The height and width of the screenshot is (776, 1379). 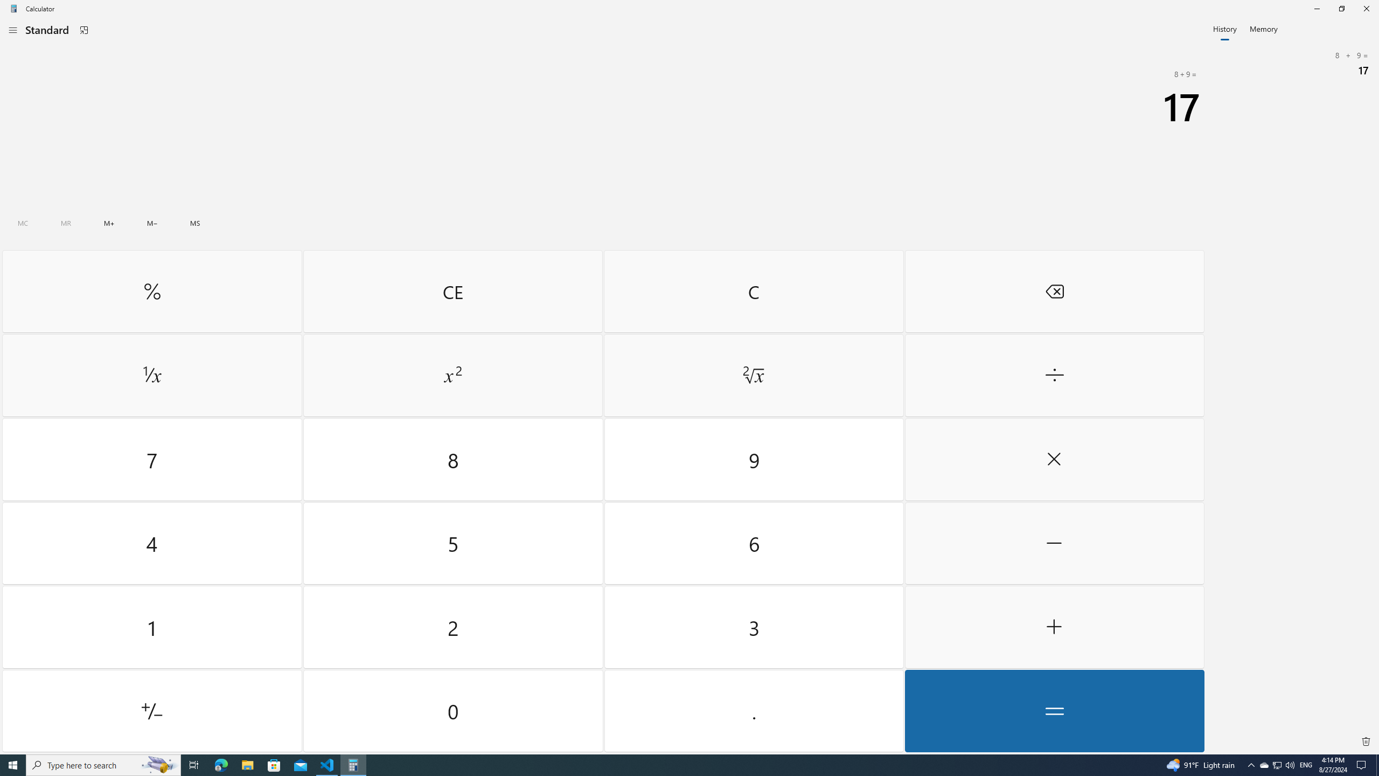 What do you see at coordinates (158, 764) in the screenshot?
I see `'Search highlights icon opens search home window'` at bounding box center [158, 764].